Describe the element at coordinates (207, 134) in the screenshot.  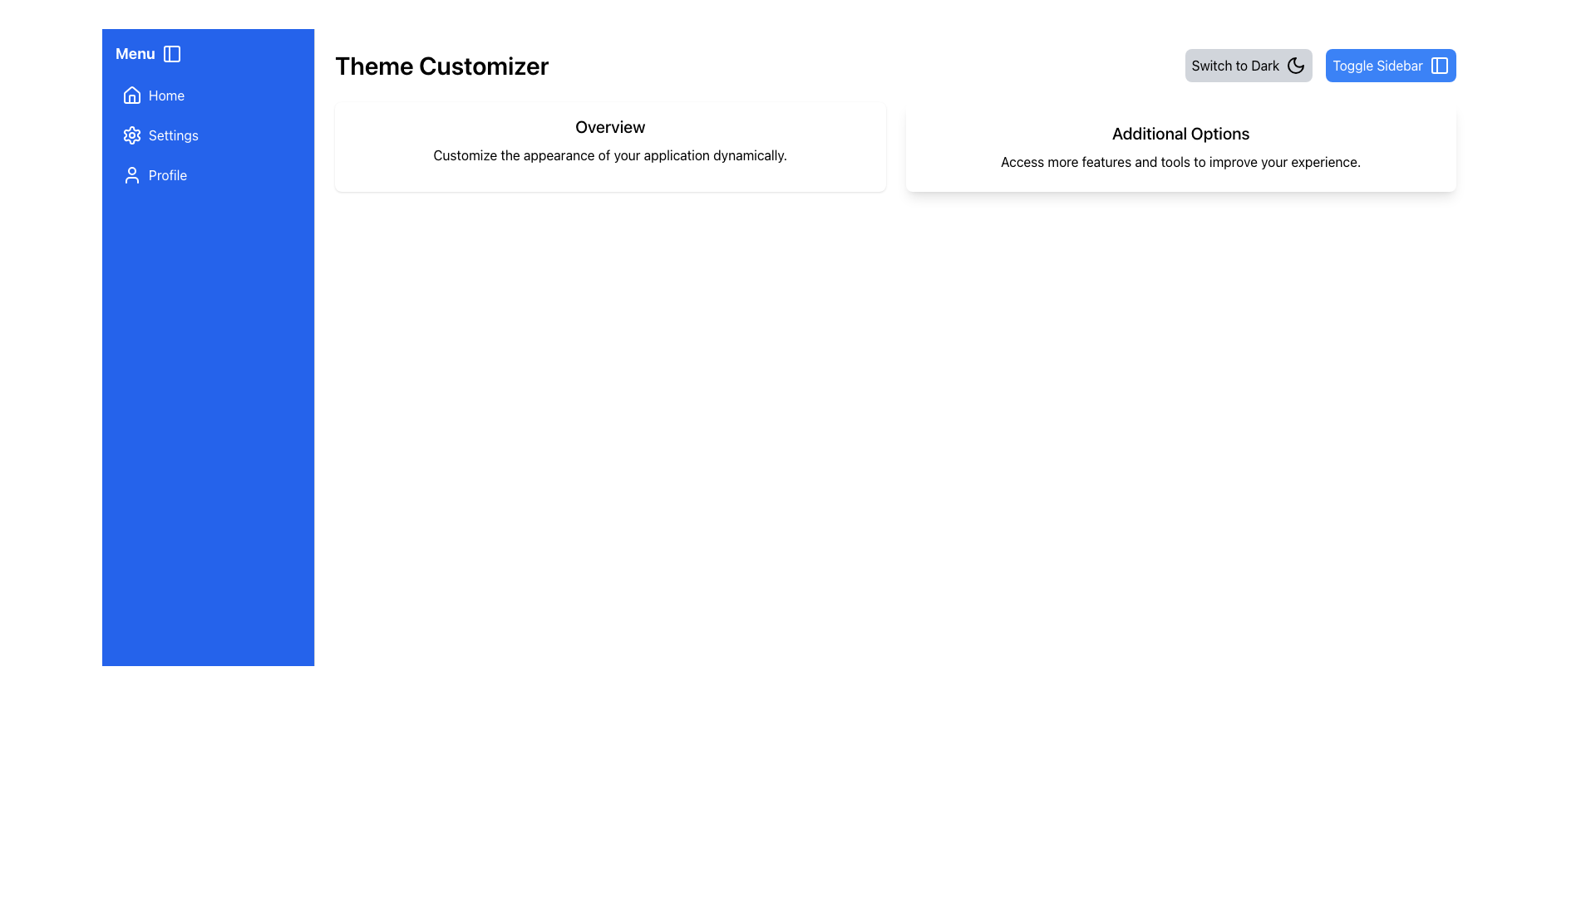
I see `the 'Settings' navigation item in the vertical navigation menu` at that location.